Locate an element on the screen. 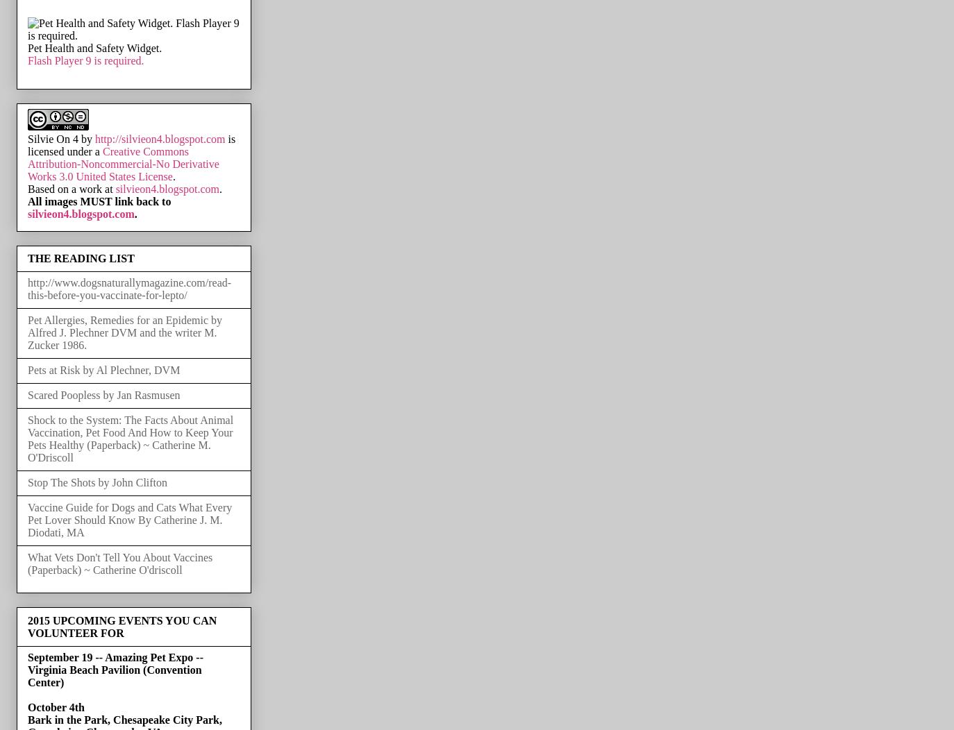 The height and width of the screenshot is (730, 954). 'http://www.dogsnaturallymagazine.com/read-this-before-you-vaccinate-for-lepto/' is located at coordinates (128, 288).